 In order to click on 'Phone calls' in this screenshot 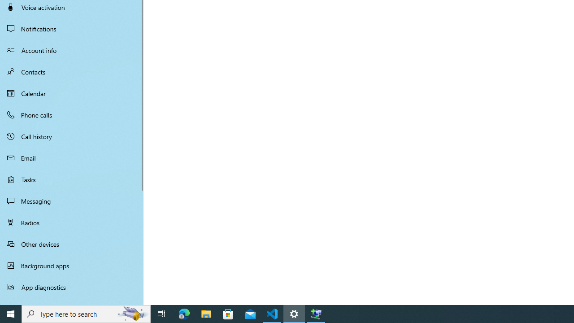, I will do `click(72, 114)`.